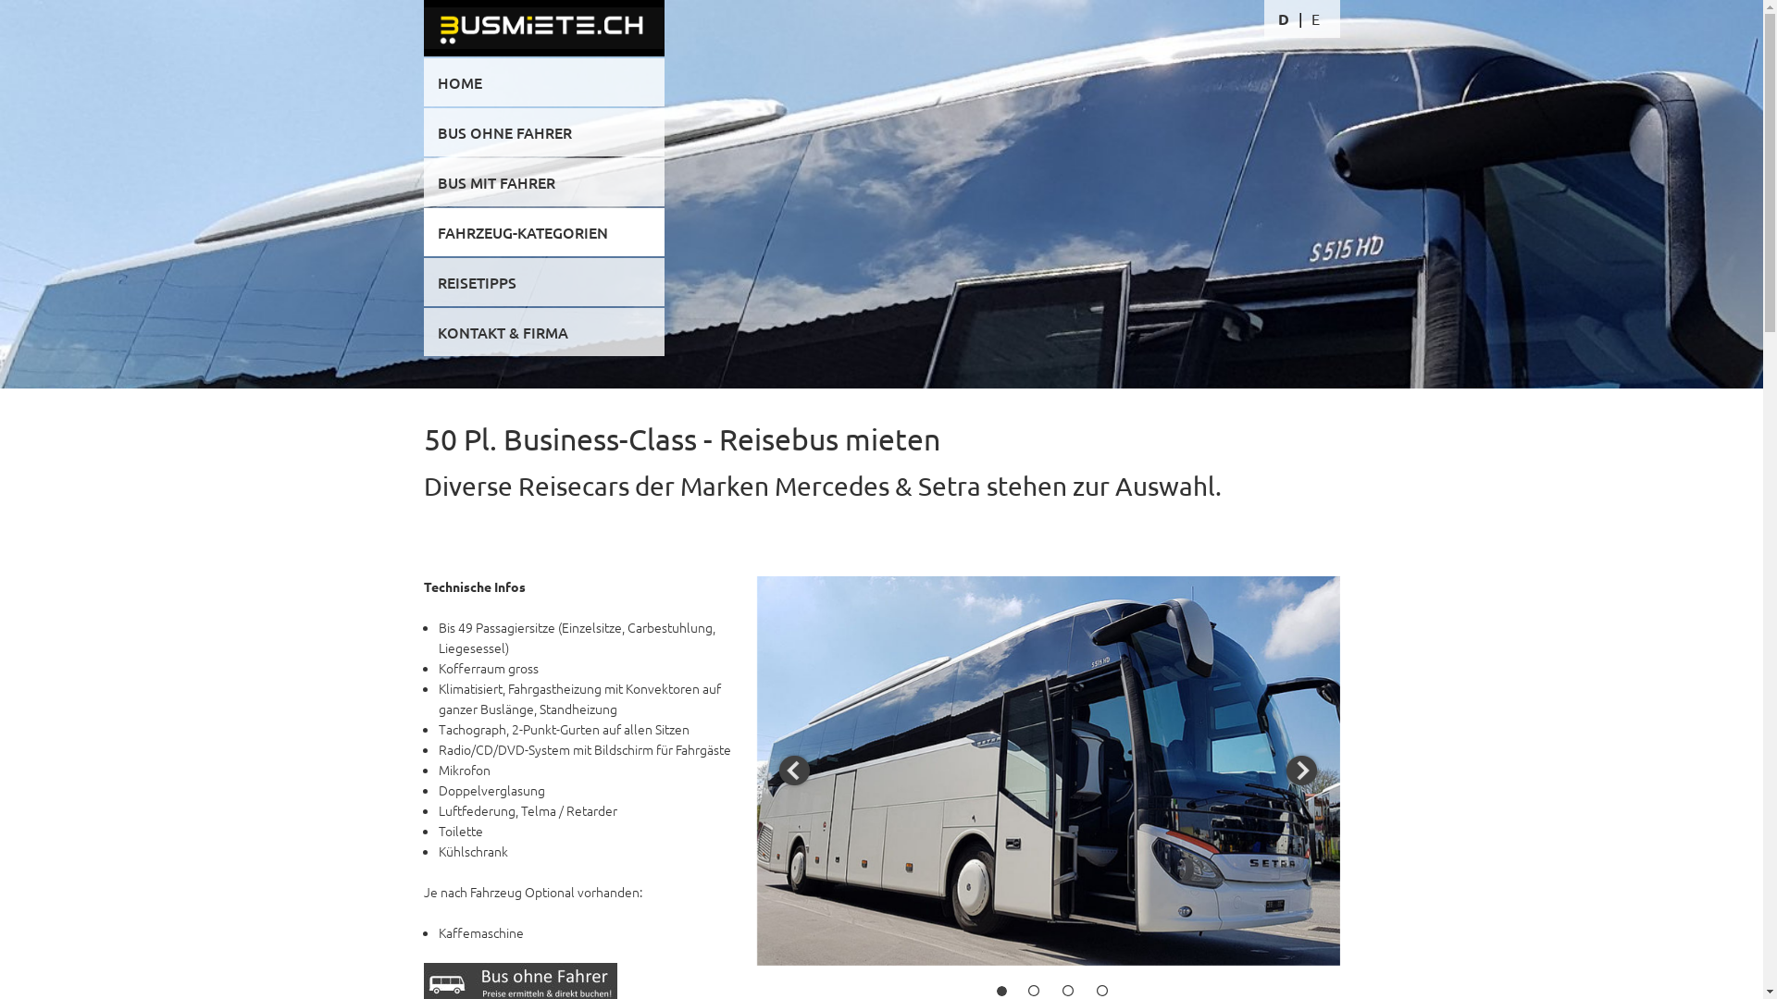 The width and height of the screenshot is (1777, 999). Describe the element at coordinates (543, 181) in the screenshot. I see `'BUS MIT FAHRER'` at that location.